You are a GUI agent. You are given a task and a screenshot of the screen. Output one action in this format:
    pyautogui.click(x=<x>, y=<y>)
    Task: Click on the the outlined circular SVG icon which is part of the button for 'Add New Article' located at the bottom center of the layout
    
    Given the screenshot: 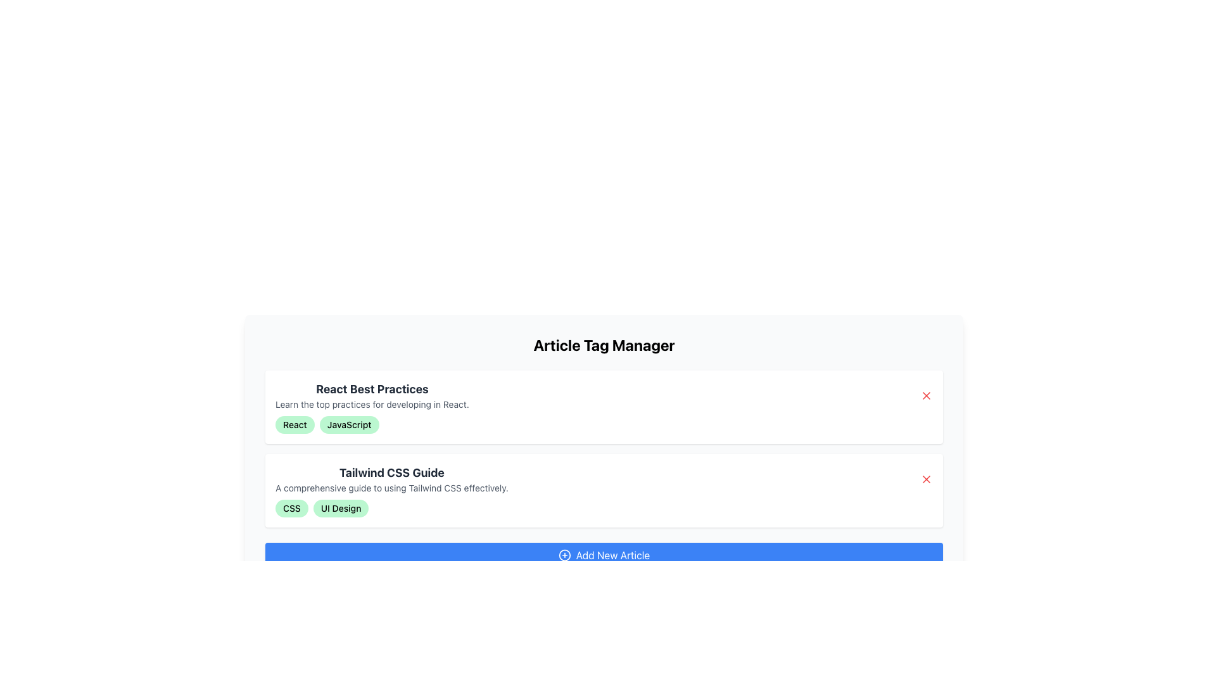 What is the action you would take?
    pyautogui.click(x=564, y=554)
    